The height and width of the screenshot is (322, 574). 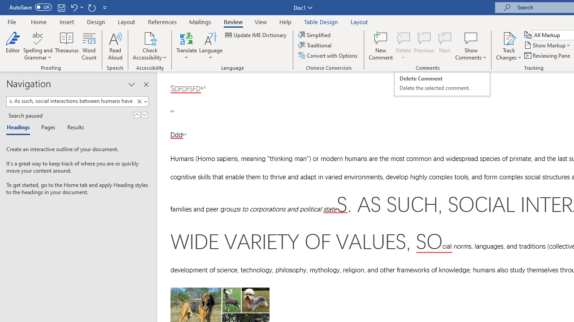 What do you see at coordinates (548, 45) in the screenshot?
I see `'Show Markup'` at bounding box center [548, 45].